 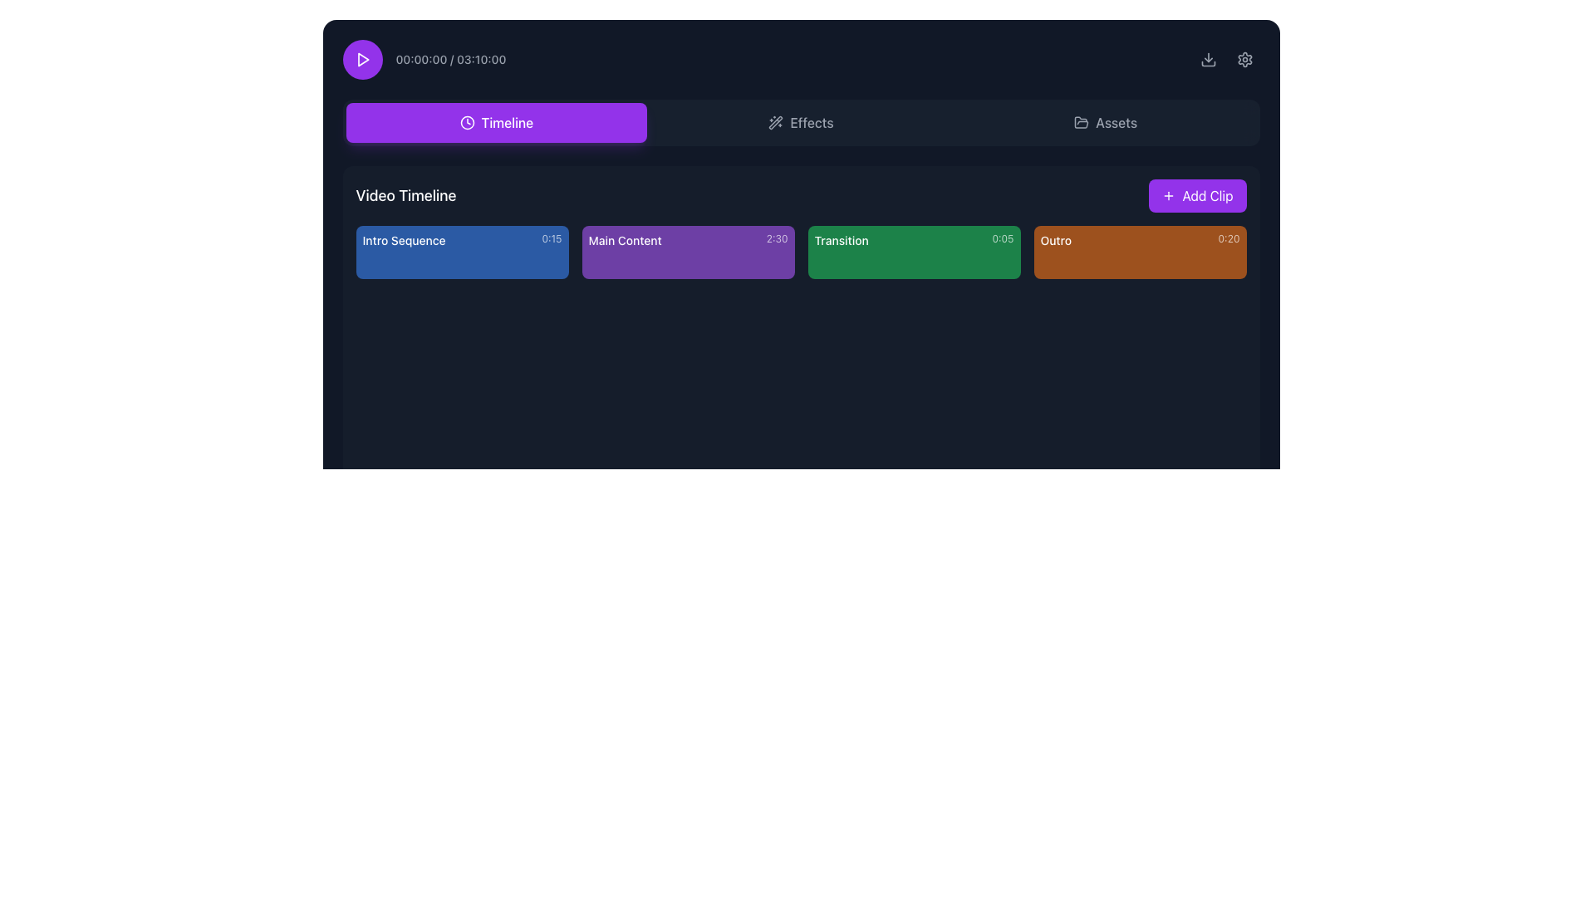 What do you see at coordinates (1139, 252) in the screenshot?
I see `the rectangular button with a light orange background labeled 'Outro' to interact with it` at bounding box center [1139, 252].